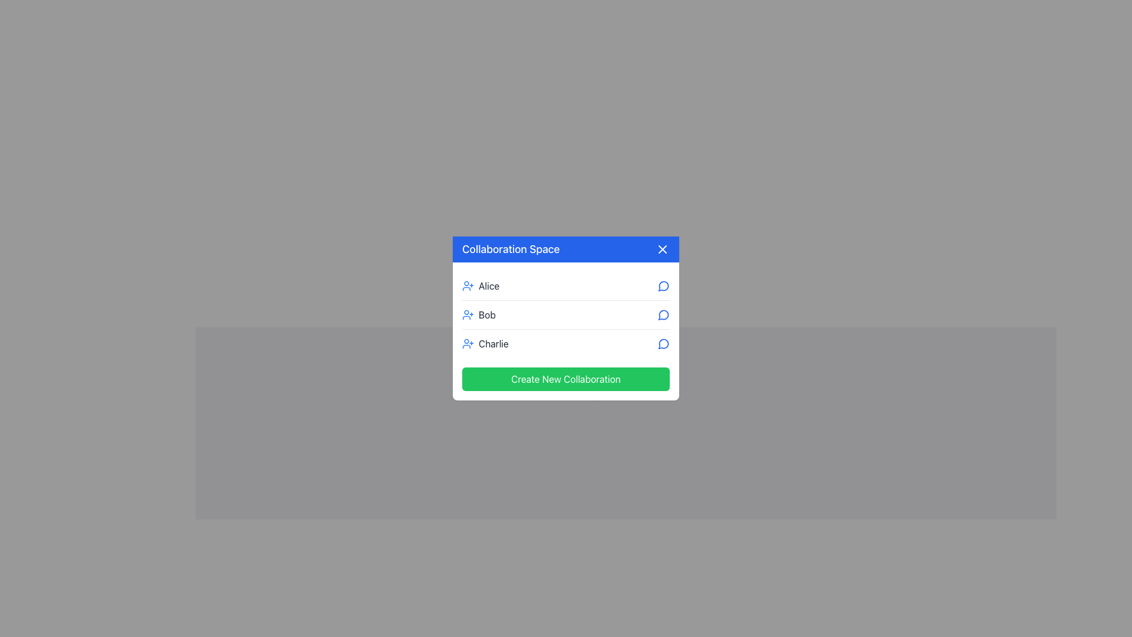  Describe the element at coordinates (566, 286) in the screenshot. I see `the entire user row labeled 'Alice'` at that location.